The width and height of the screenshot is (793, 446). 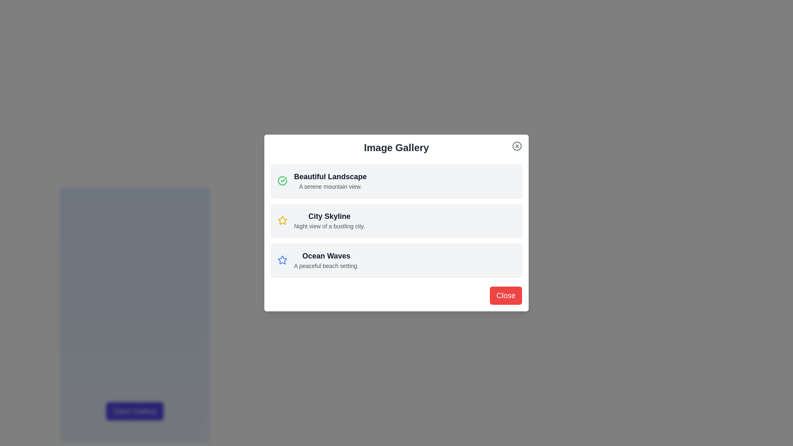 I want to click on the informational card displaying 'Beautiful Landscape' located in the center of the modal, so click(x=396, y=180).